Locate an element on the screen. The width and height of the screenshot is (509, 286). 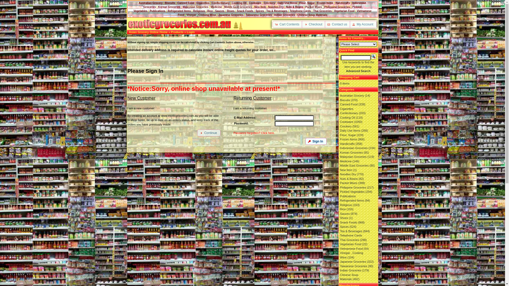
'Korean Groceries' is located at coordinates (169, 7).